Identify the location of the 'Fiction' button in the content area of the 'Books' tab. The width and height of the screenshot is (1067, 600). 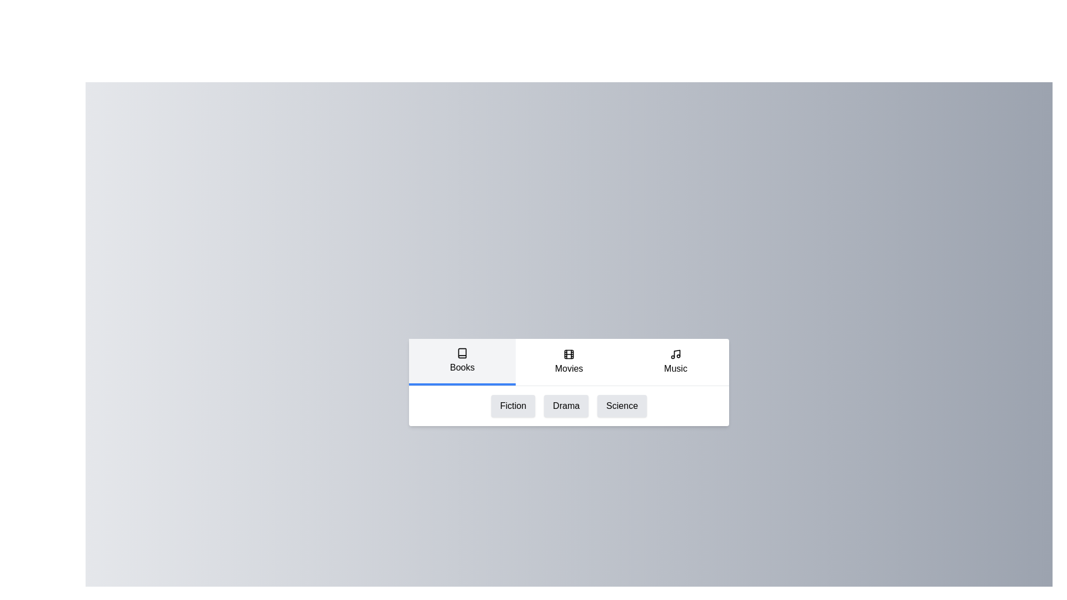
(512, 406).